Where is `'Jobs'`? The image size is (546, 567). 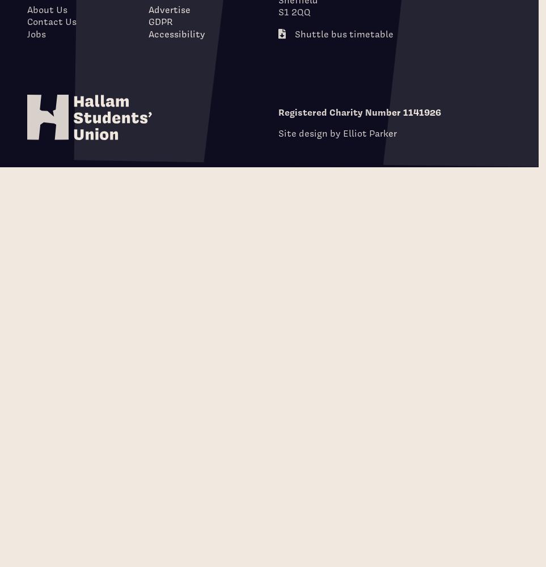 'Jobs' is located at coordinates (36, 33).